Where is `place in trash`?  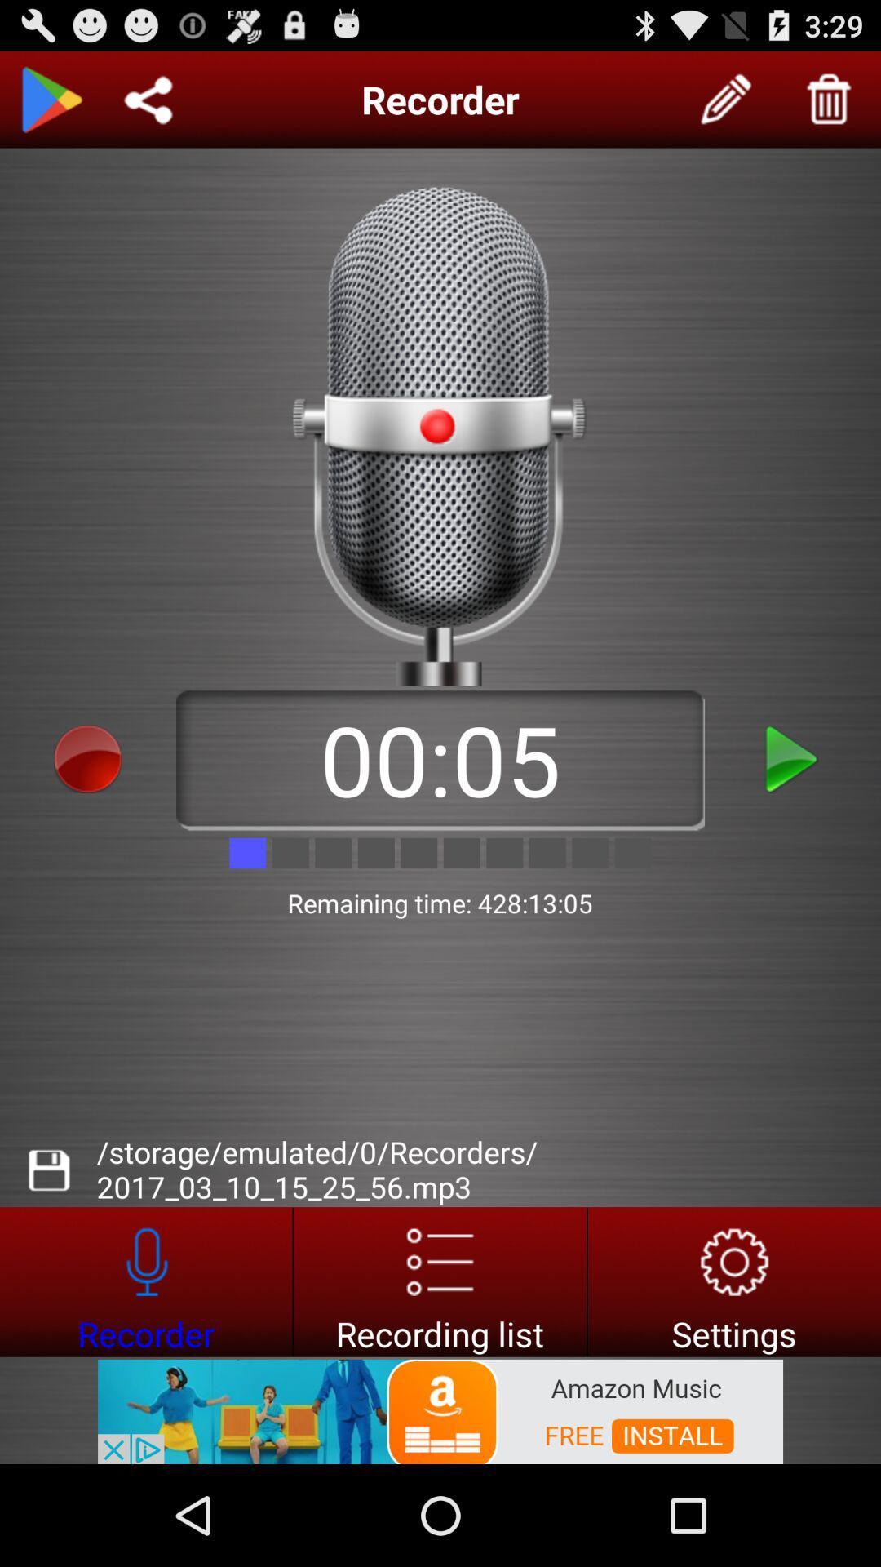
place in trash is located at coordinates (830, 99).